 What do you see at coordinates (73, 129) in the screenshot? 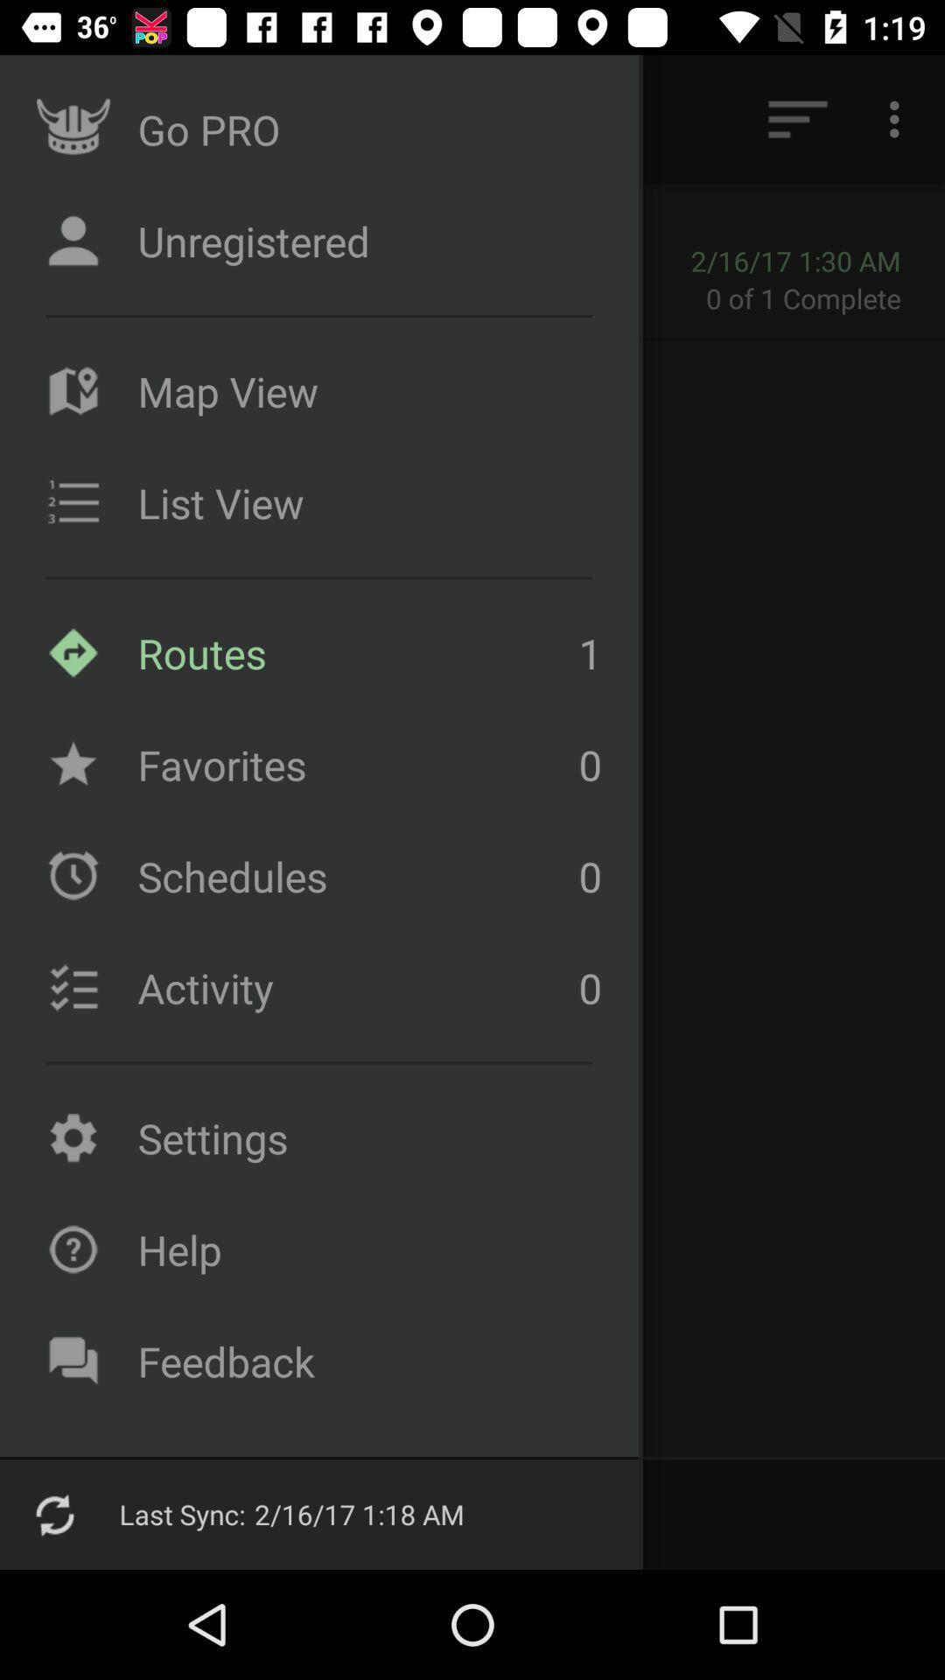
I see `the go pro icon` at bounding box center [73, 129].